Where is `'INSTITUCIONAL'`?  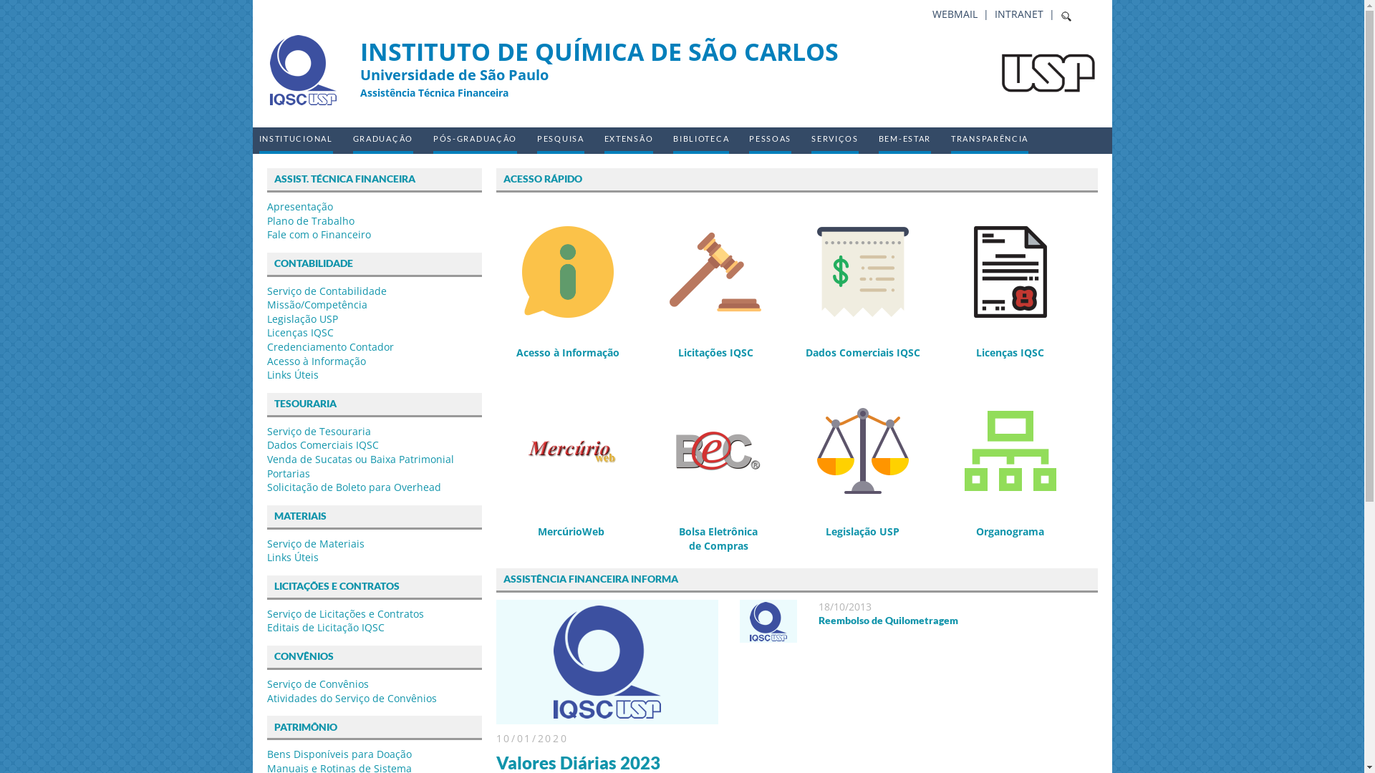 'INSTITUCIONAL' is located at coordinates (295, 140).